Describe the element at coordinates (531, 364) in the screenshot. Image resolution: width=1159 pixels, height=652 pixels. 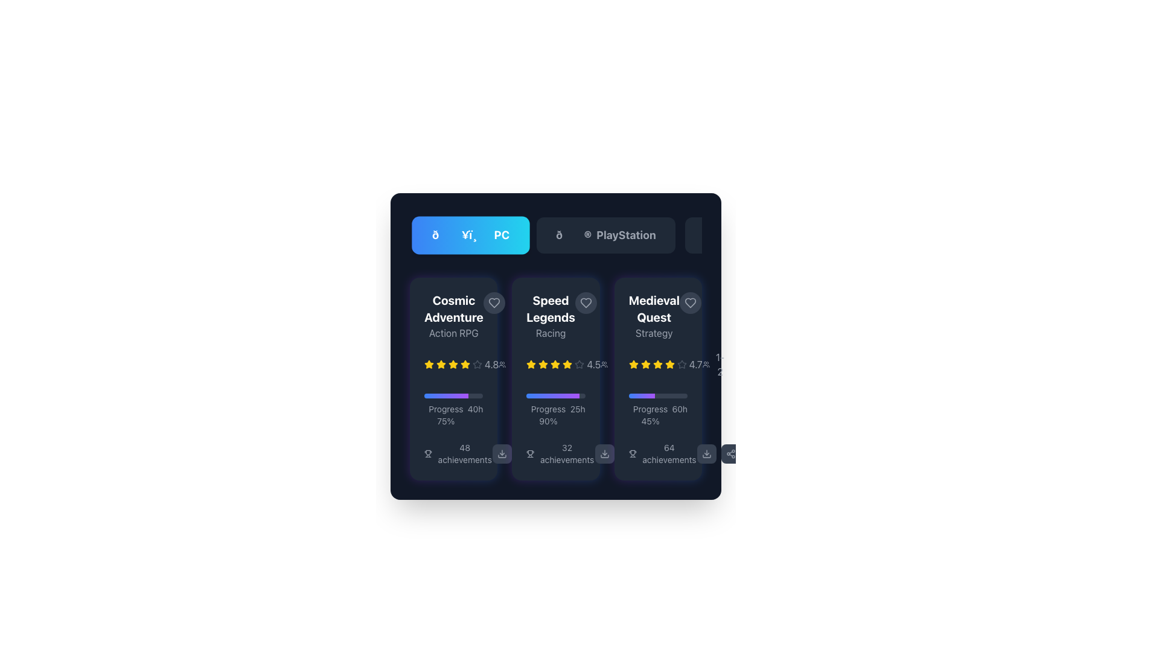
I see `the first yellow star icon in the 'Speed Legends' section, which indicates a rating within a sequence of five stars` at that location.